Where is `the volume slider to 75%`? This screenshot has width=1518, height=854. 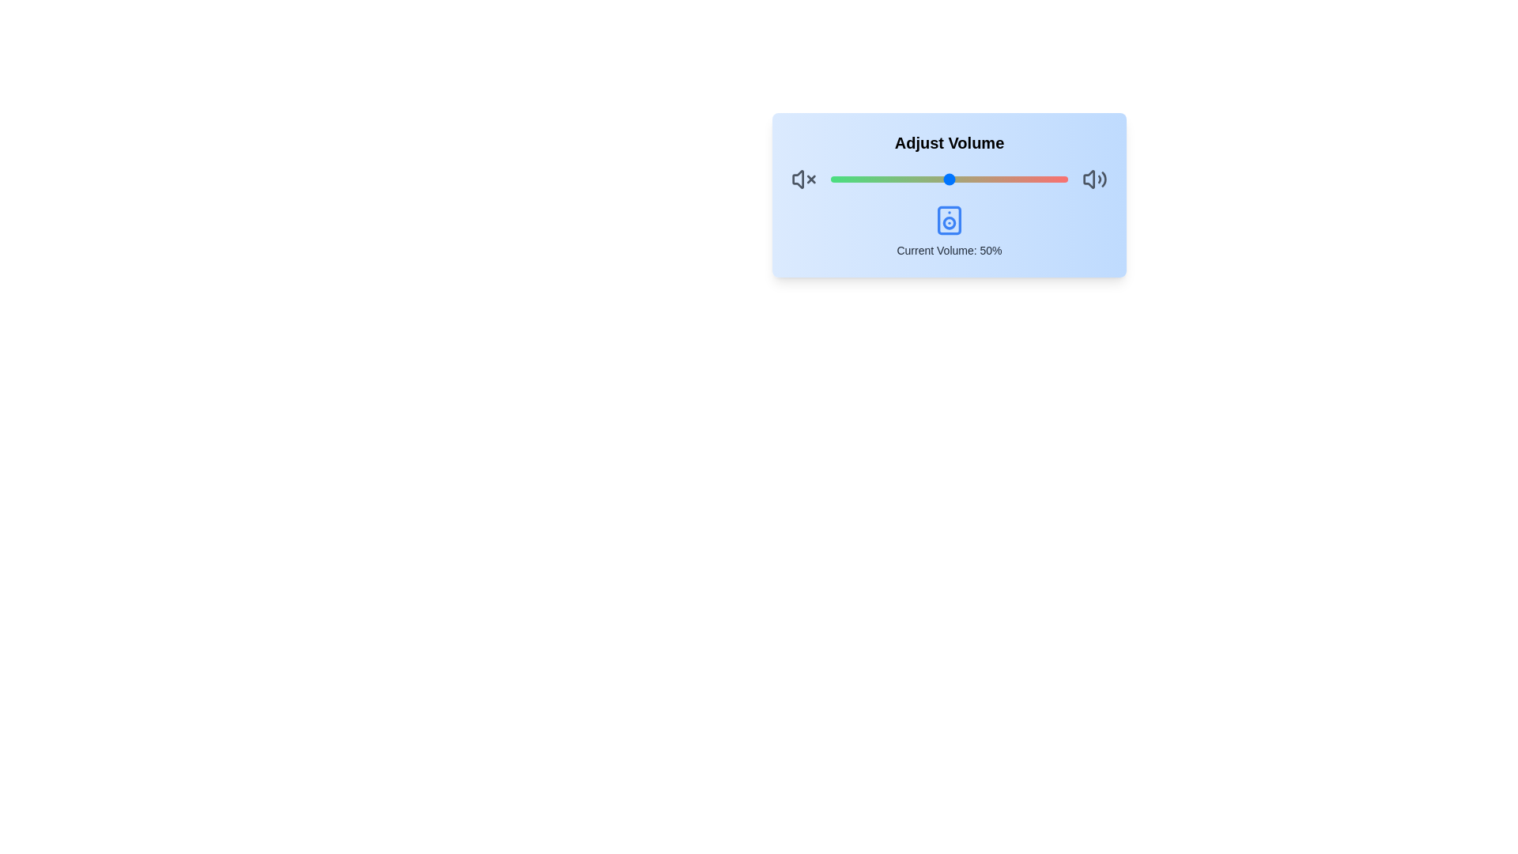 the volume slider to 75% is located at coordinates (1008, 179).